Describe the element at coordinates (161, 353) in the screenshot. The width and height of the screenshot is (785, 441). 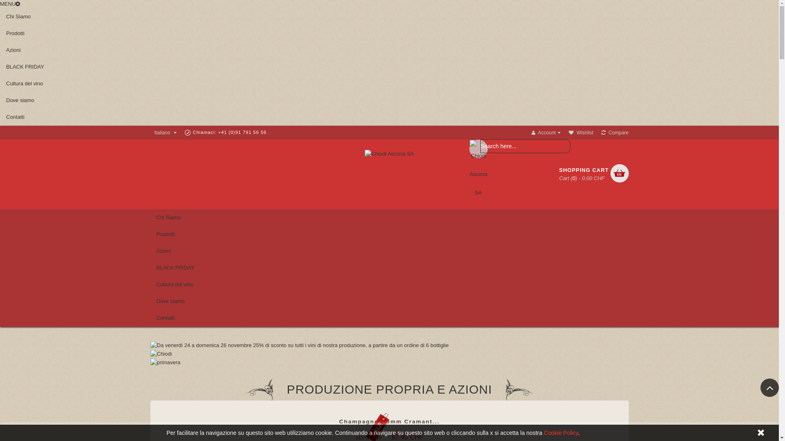
I see `'Chiodi'` at that location.